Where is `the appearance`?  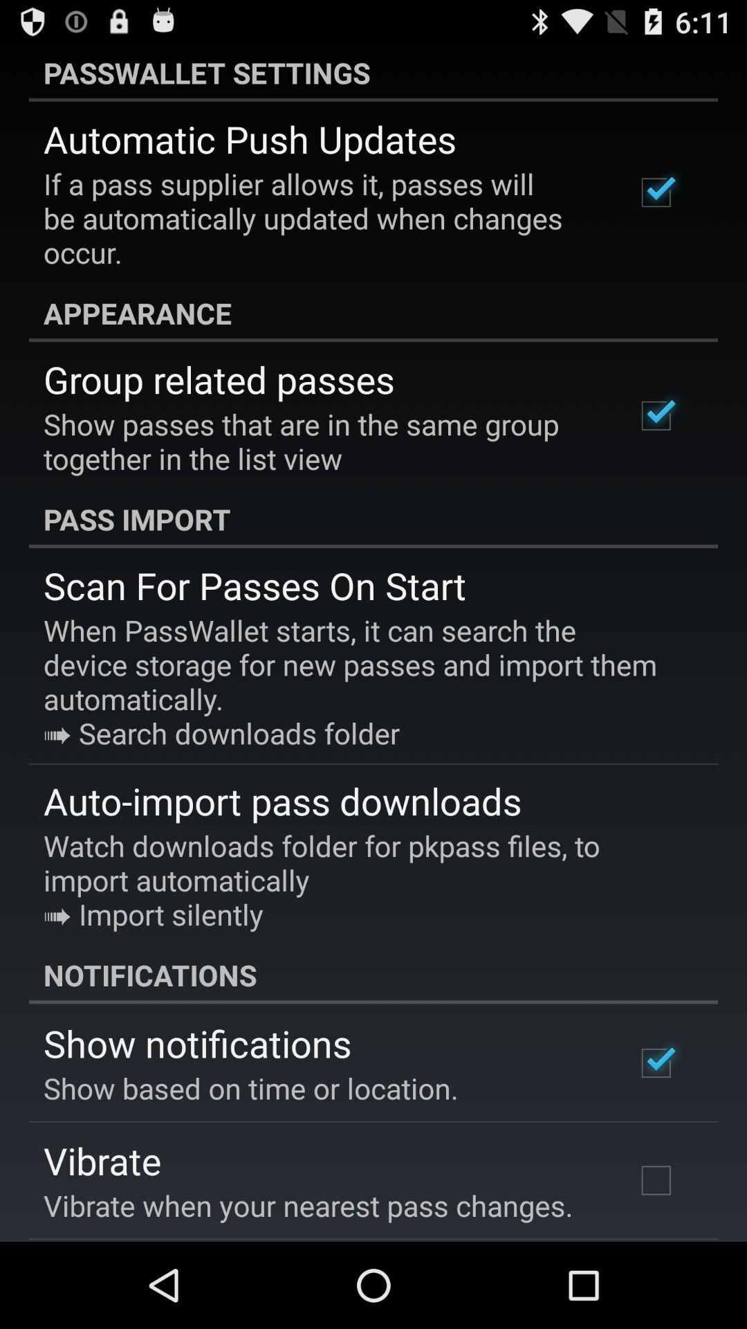
the appearance is located at coordinates (373, 312).